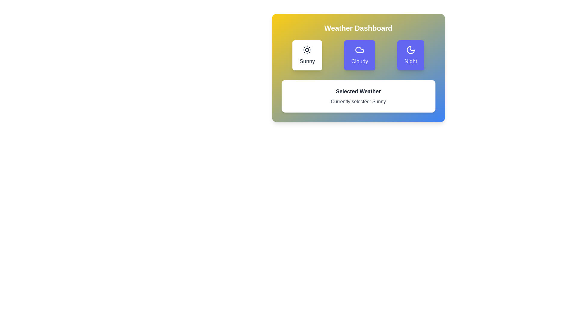 Image resolution: width=577 pixels, height=325 pixels. What do you see at coordinates (411, 55) in the screenshot?
I see `the third button in the 'Weather Dashboard' section` at bounding box center [411, 55].